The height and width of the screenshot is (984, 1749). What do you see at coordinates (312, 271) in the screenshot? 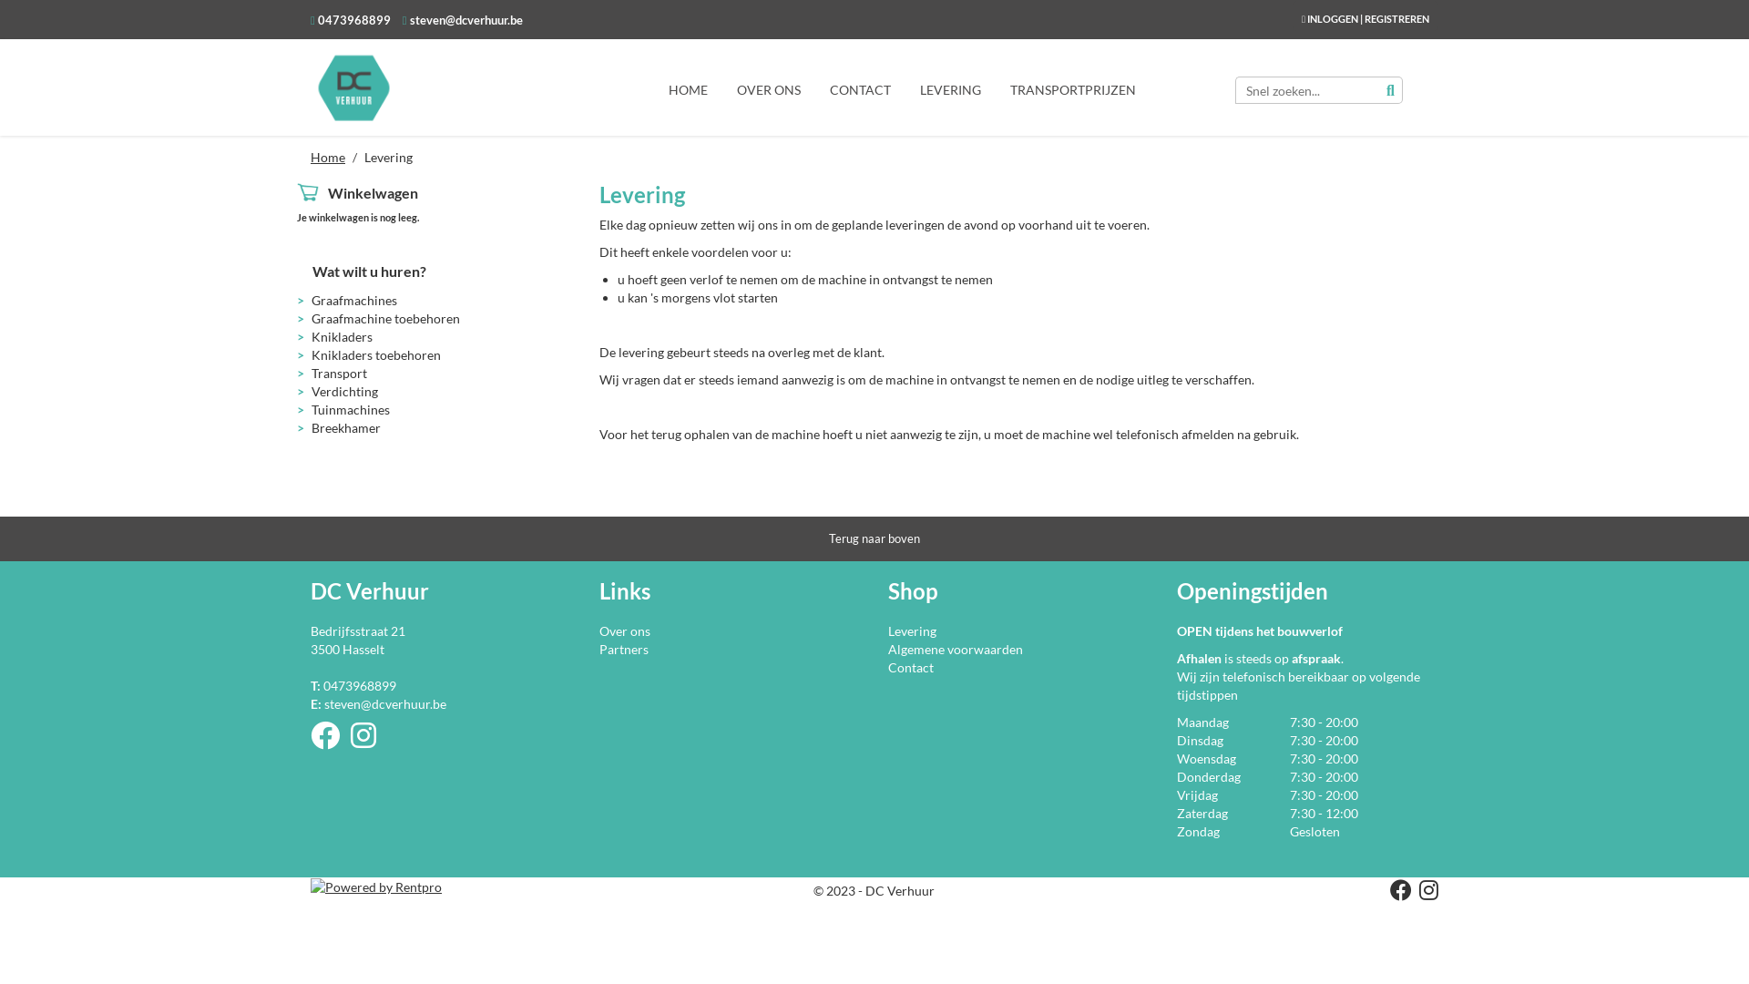
I see `'Wat wilt u huren?'` at bounding box center [312, 271].